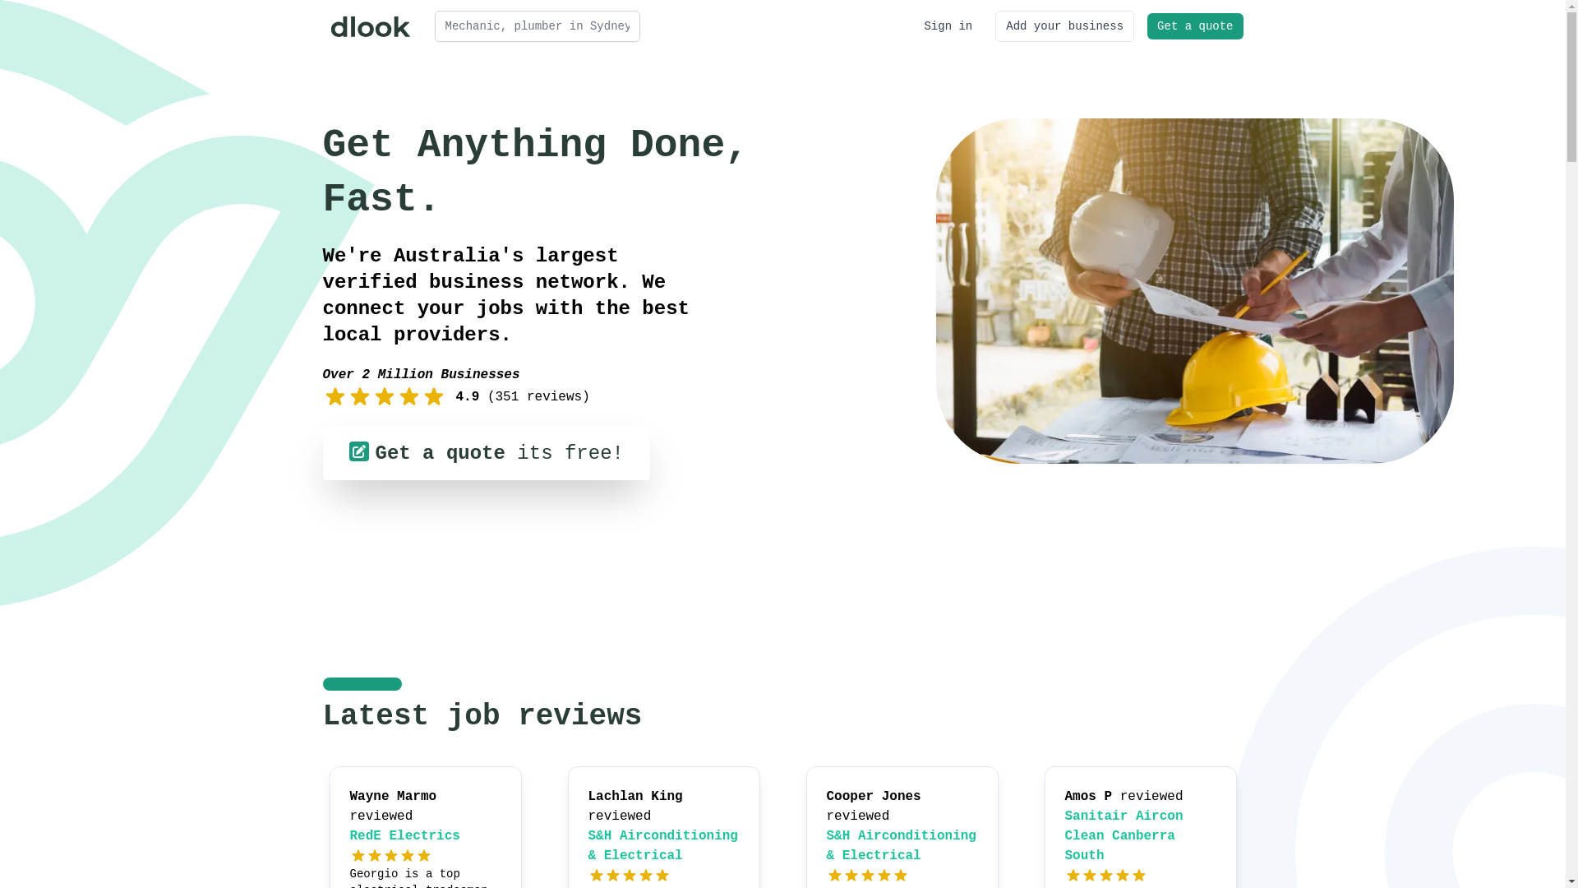 This screenshot has height=888, width=1578. Describe the element at coordinates (662, 846) in the screenshot. I see `'S&H Airconditioning & Electrical'` at that location.